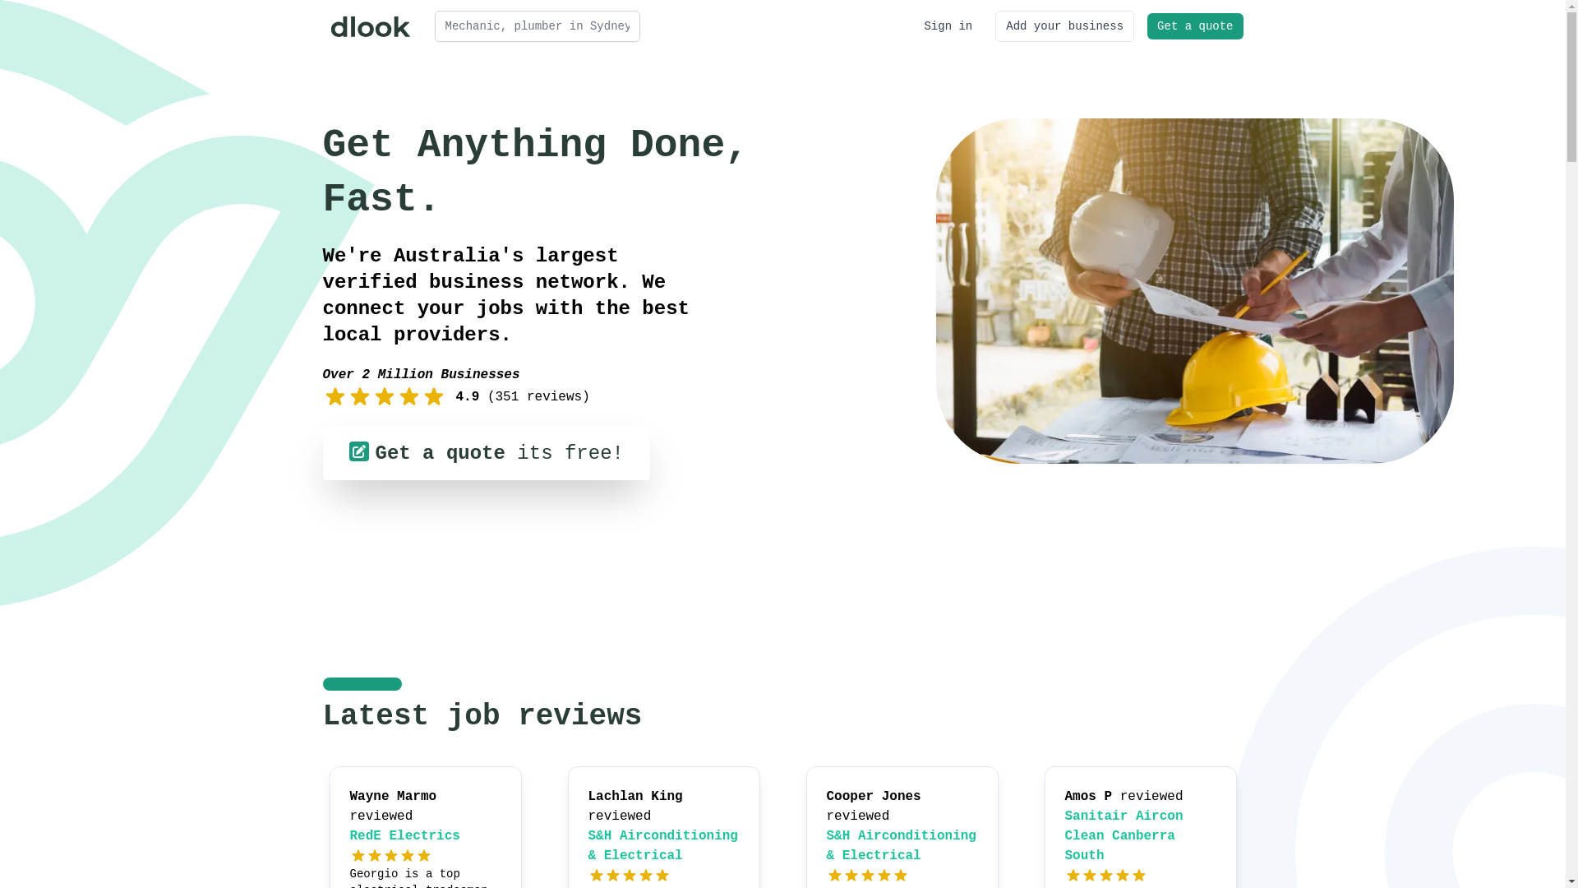 This screenshot has height=888, width=1578. Describe the element at coordinates (662, 846) in the screenshot. I see `'S&H Airconditioning & Electrical'` at that location.